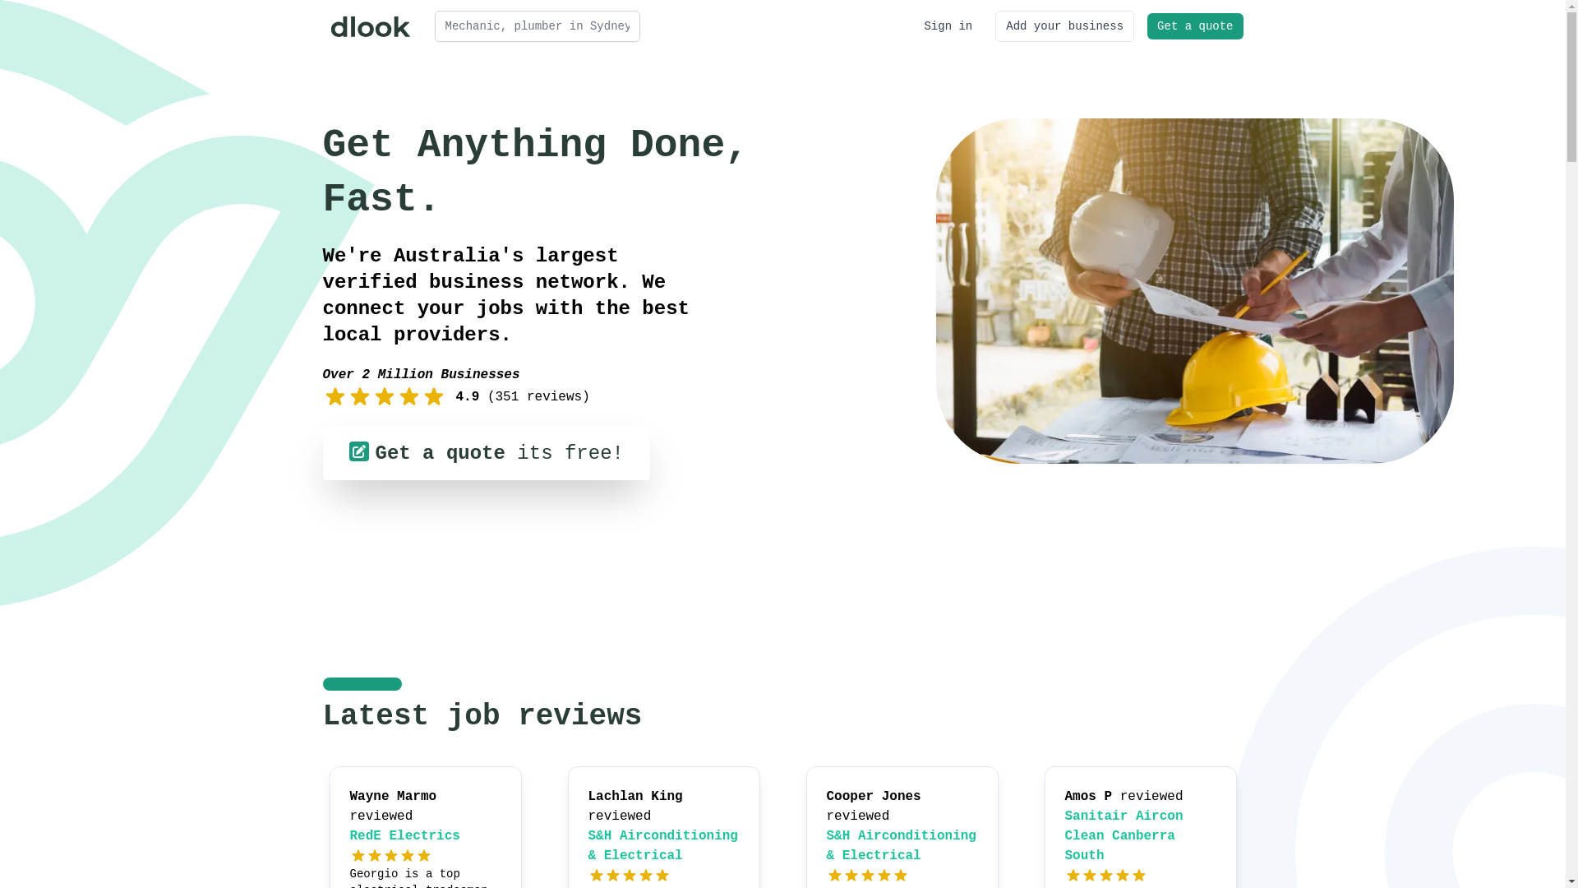 This screenshot has height=888, width=1578. Describe the element at coordinates (662, 846) in the screenshot. I see `'S&H Airconditioning & Electrical'` at that location.